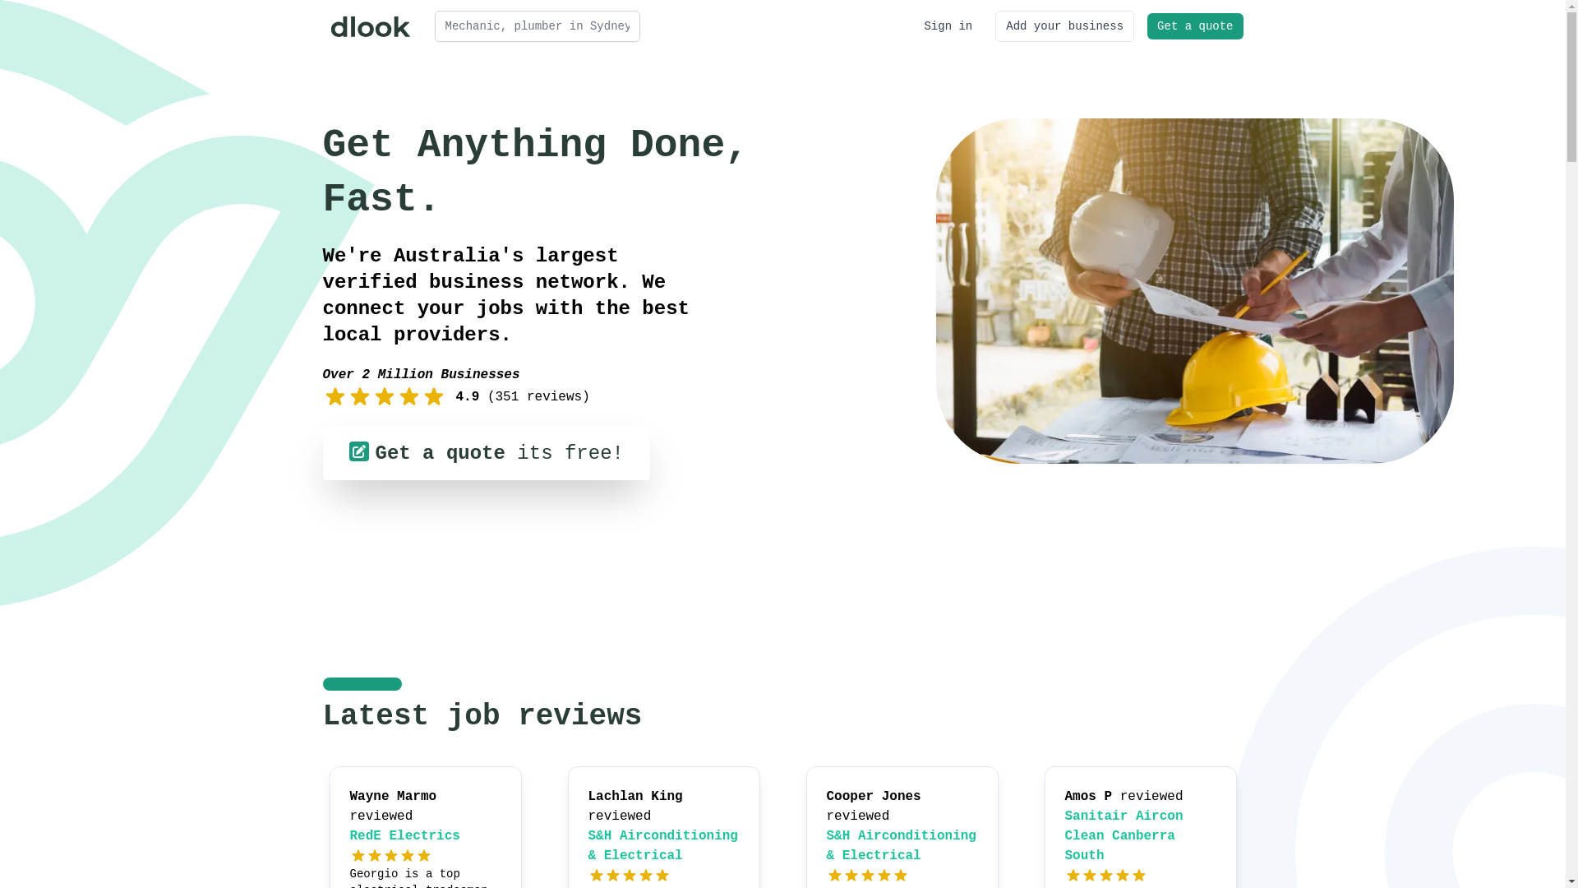 This screenshot has height=888, width=1578. Describe the element at coordinates (662, 846) in the screenshot. I see `'S&H Airconditioning & Electrical'` at that location.